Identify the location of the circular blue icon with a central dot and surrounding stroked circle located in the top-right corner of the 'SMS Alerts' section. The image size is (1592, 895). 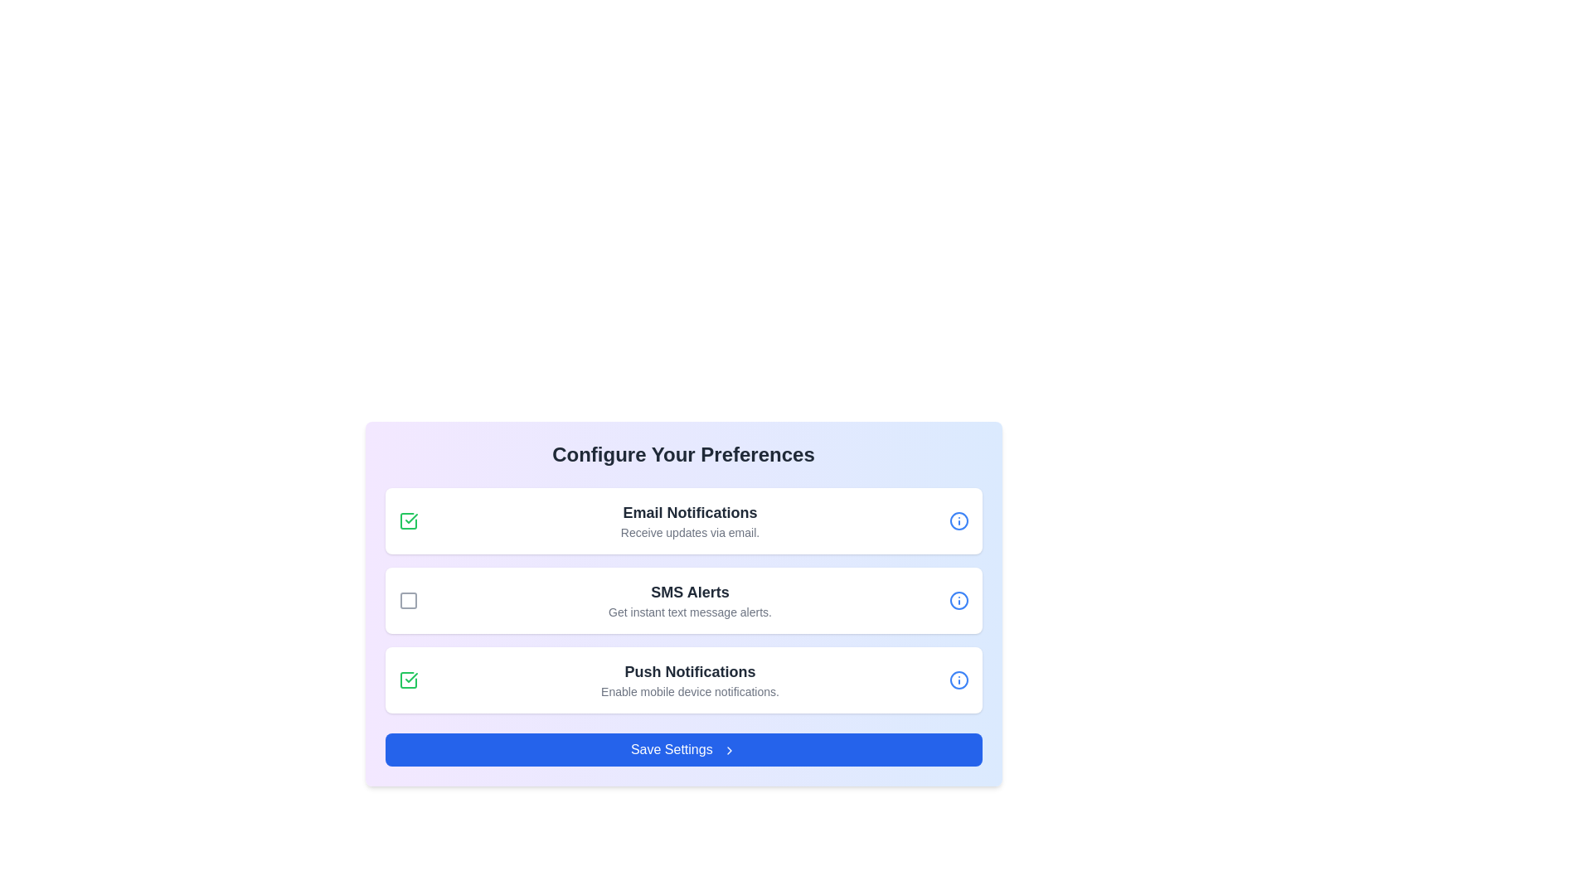
(959, 601).